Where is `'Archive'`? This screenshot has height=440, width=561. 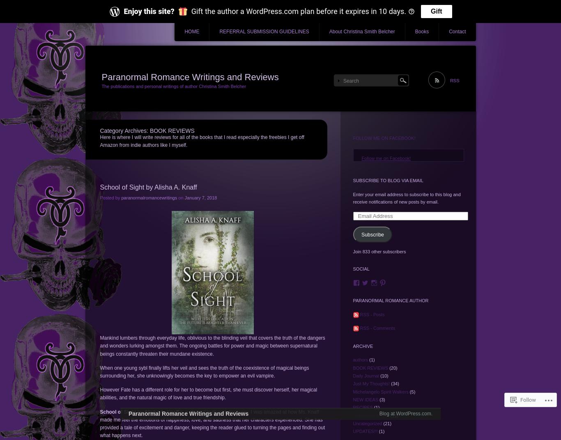 'Archive' is located at coordinates (352, 346).